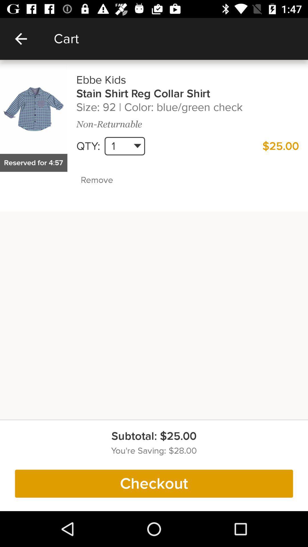  Describe the element at coordinates (154, 483) in the screenshot. I see `checkout item` at that location.